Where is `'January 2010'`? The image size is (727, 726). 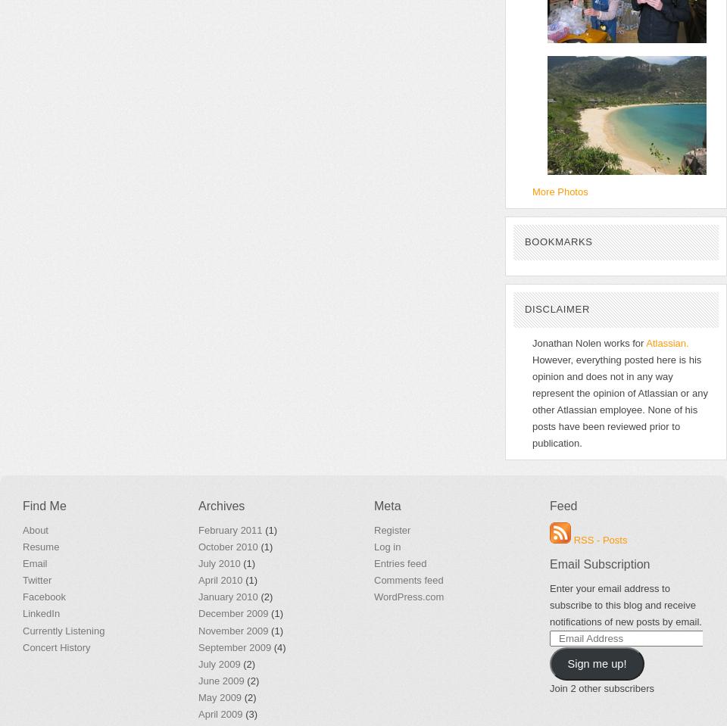 'January 2010' is located at coordinates (226, 597).